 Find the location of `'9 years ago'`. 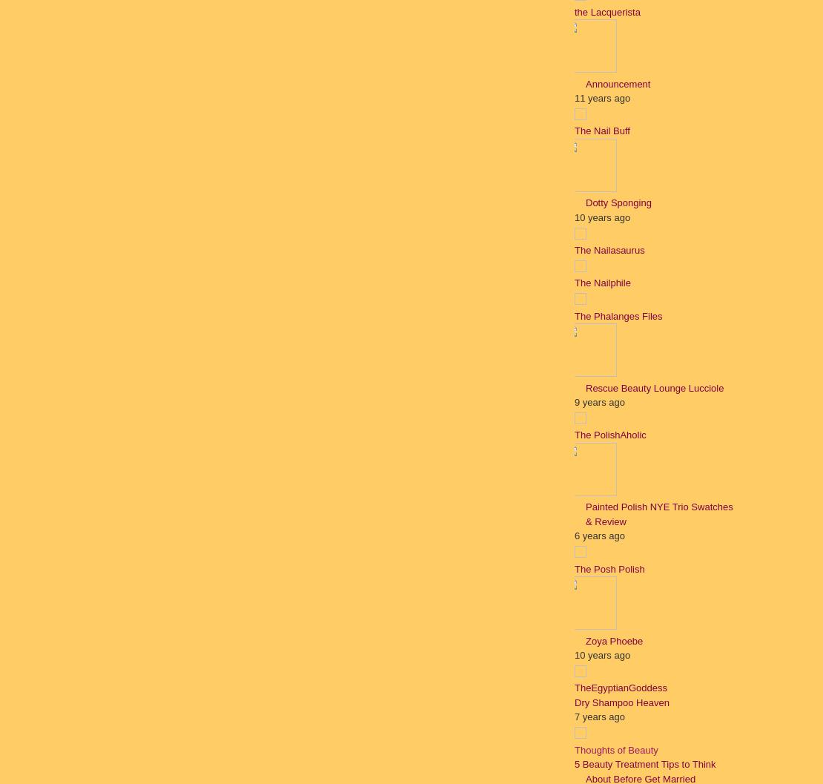

'9 years ago' is located at coordinates (599, 401).